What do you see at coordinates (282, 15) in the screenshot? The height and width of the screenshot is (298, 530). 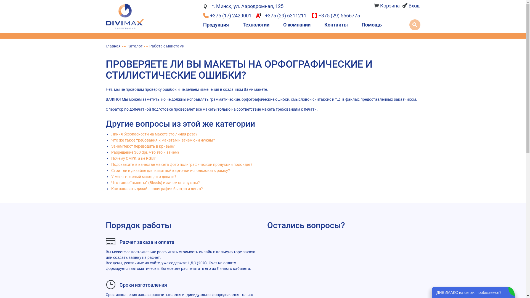 I see `'+375 (29) 6311211'` at bounding box center [282, 15].